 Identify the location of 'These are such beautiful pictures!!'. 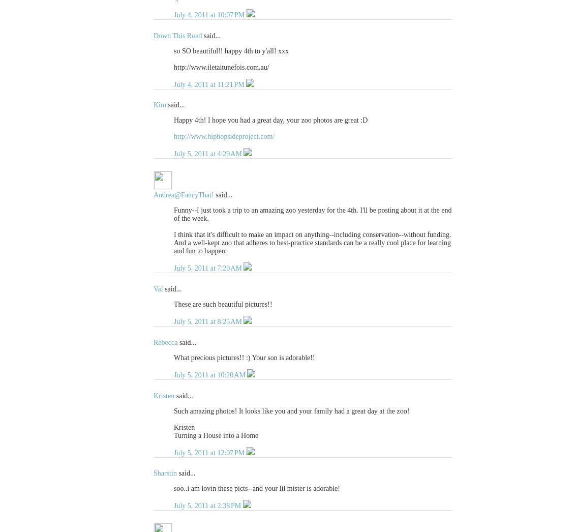
(222, 304).